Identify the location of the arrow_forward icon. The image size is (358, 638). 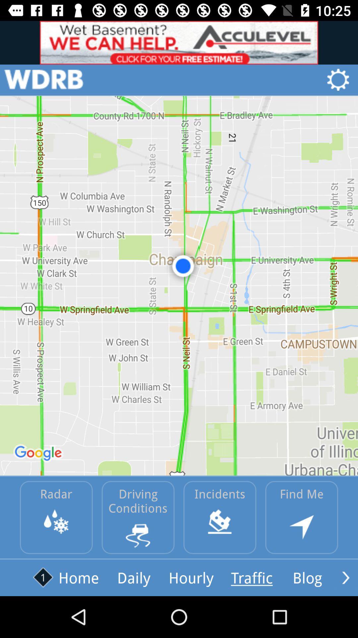
(345, 577).